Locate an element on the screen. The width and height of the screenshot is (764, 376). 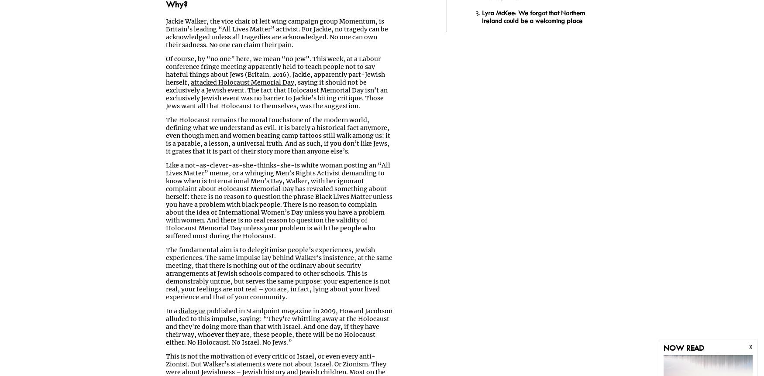
', saying it should not be exclusively a Jewish event. The fact that Holocaust Memorial Day isn’t an exclusively Jewish event was no barrier to Jackie’s biting critique. Those Jews want all that Holocaust to themselves, was the suggestion.' is located at coordinates (276, 94).